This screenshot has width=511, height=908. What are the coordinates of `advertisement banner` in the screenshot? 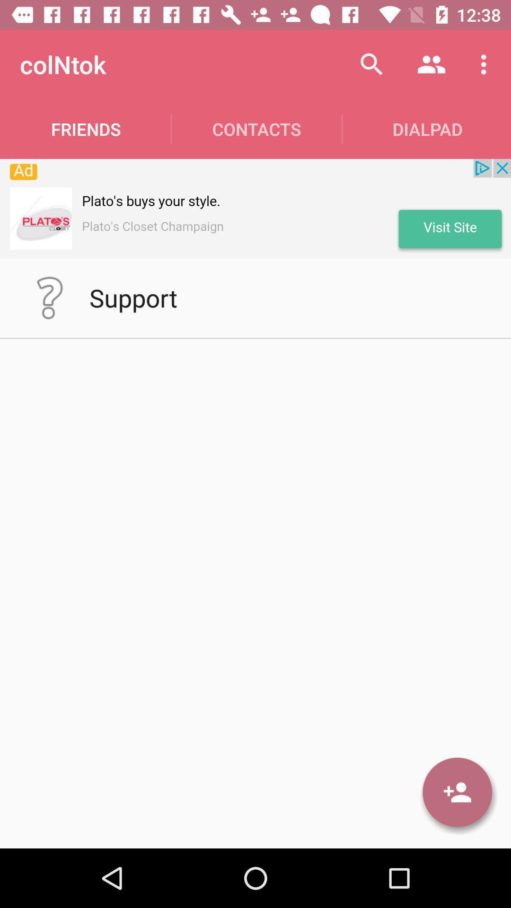 It's located at (255, 208).